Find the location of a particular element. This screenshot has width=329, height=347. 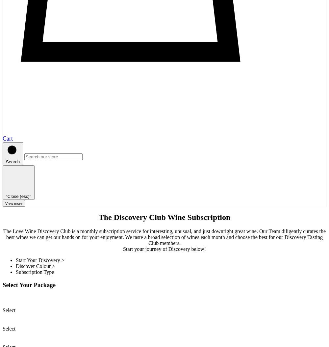

'Cart' is located at coordinates (8, 138).